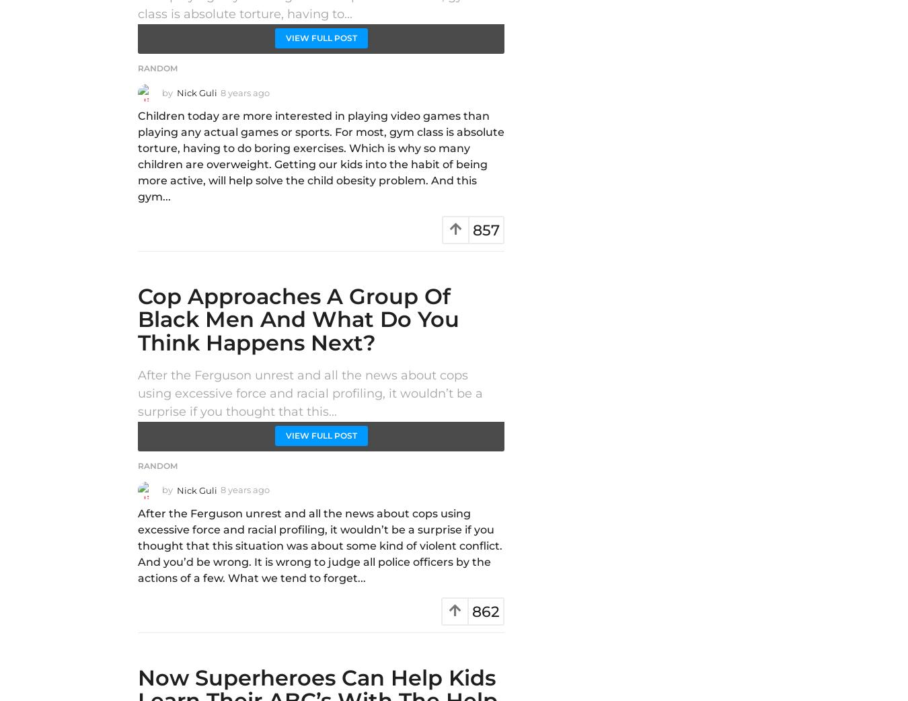 Image resolution: width=908 pixels, height=701 pixels. Describe the element at coordinates (485, 610) in the screenshot. I see `'862'` at that location.